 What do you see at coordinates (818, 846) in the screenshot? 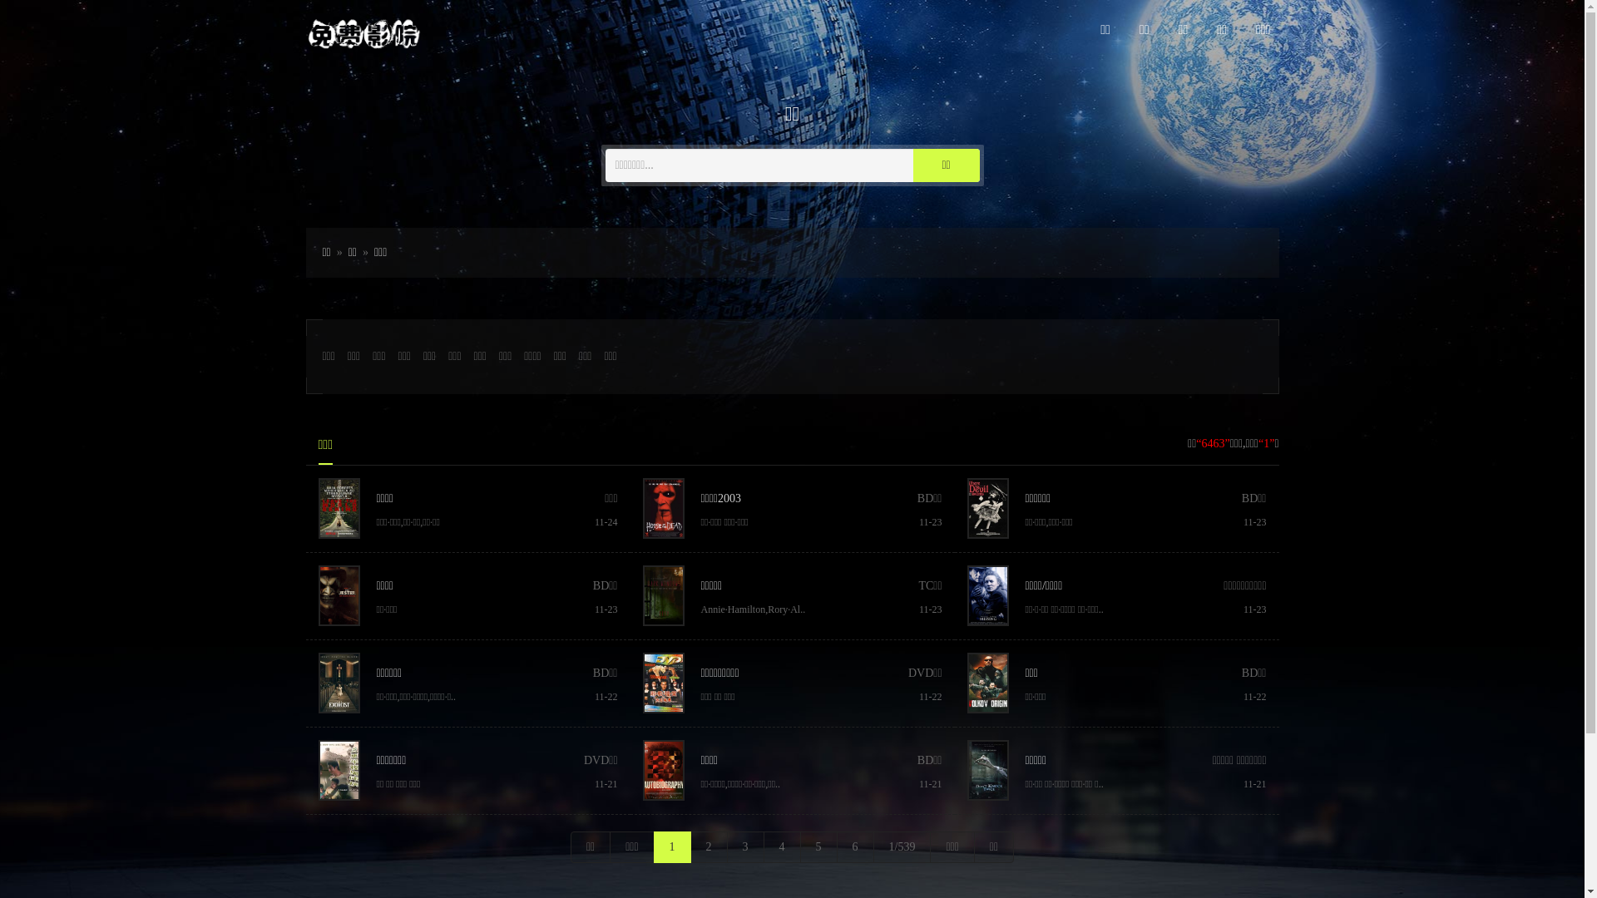
I see `'5'` at bounding box center [818, 846].